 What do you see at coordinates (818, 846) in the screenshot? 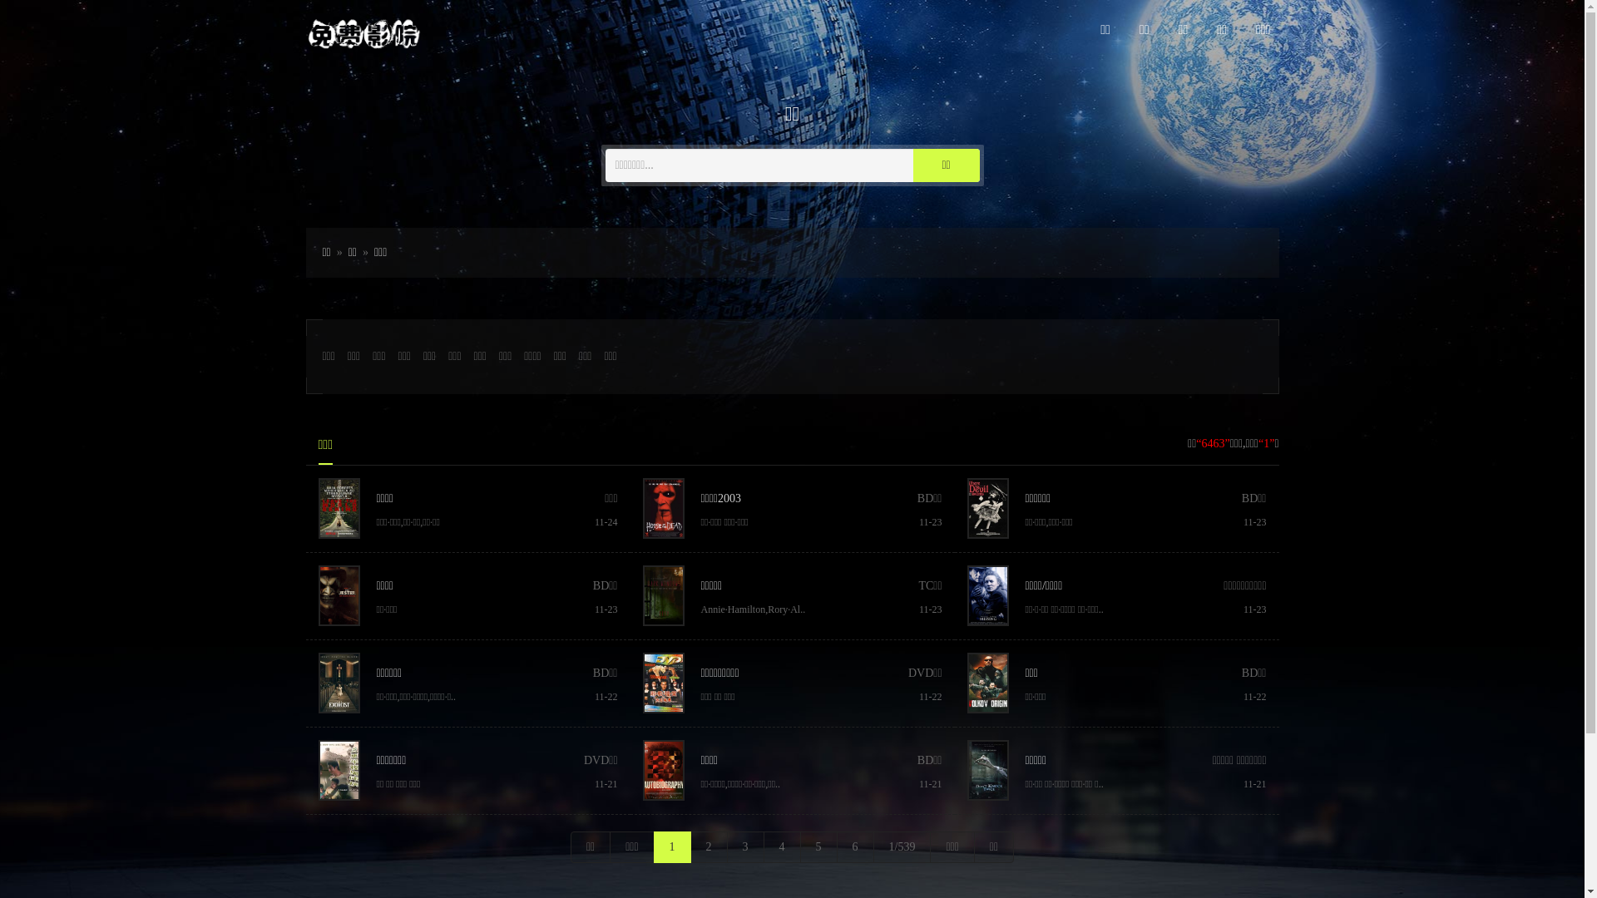
I see `'5'` at bounding box center [818, 846].